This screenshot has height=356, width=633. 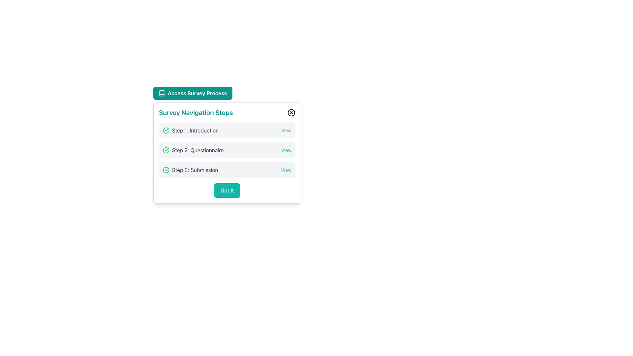 I want to click on the circular green checkmark icon, which indicates completion and is located to the left of the 'Step 2: Questionnaire' text, so click(x=166, y=150).